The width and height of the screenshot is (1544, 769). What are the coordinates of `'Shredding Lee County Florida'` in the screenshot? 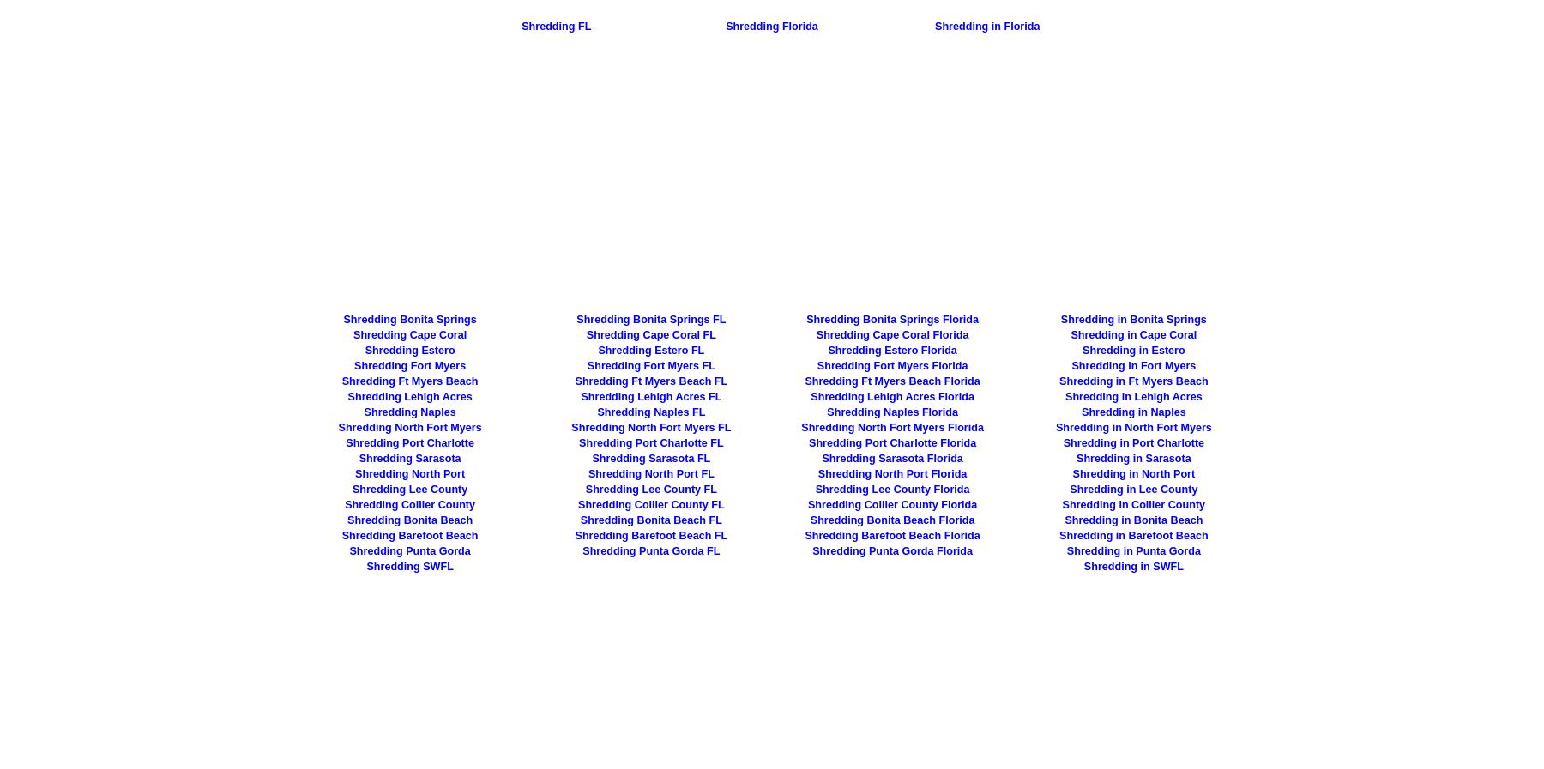 It's located at (892, 490).